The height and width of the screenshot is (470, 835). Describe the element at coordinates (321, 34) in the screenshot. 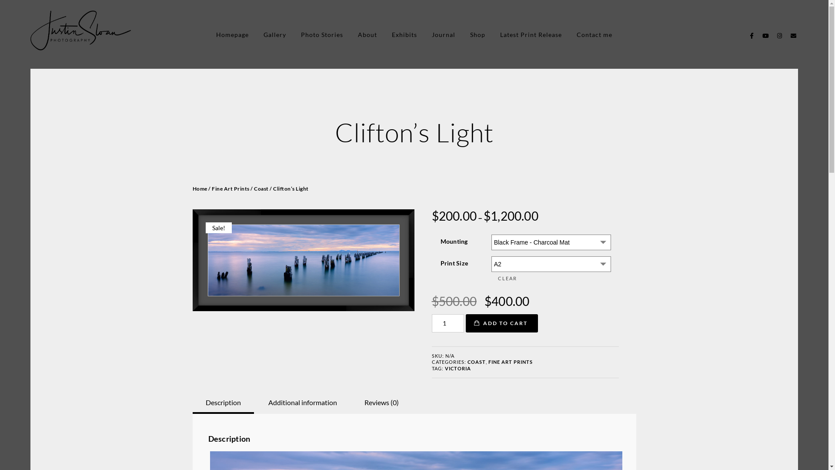

I see `'Photo Stories'` at that location.